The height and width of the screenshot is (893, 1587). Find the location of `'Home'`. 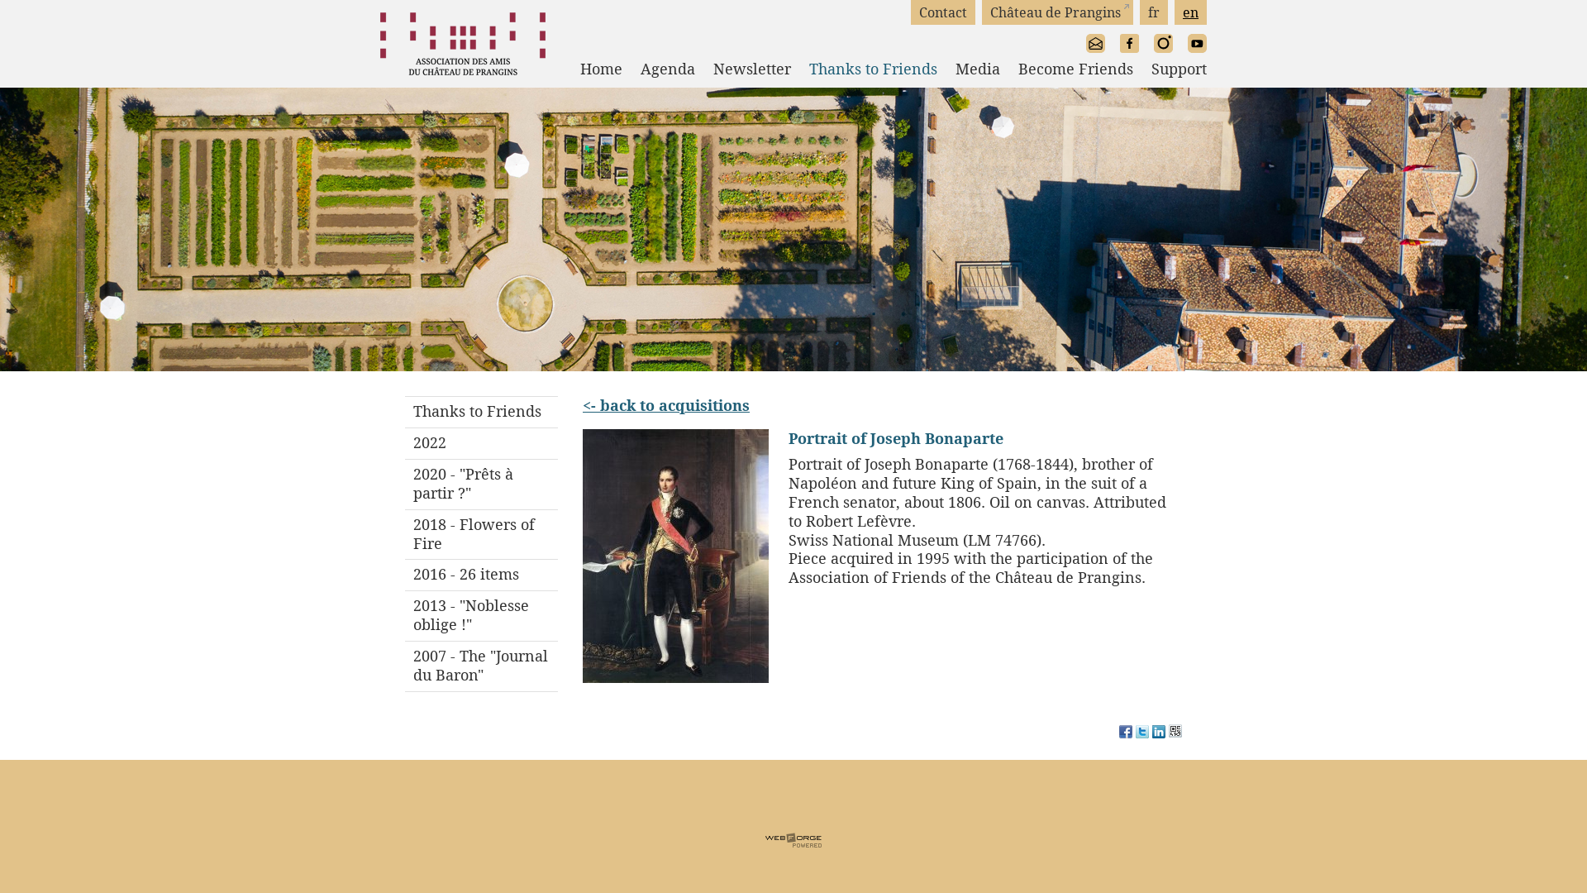

'Home' is located at coordinates (592, 69).